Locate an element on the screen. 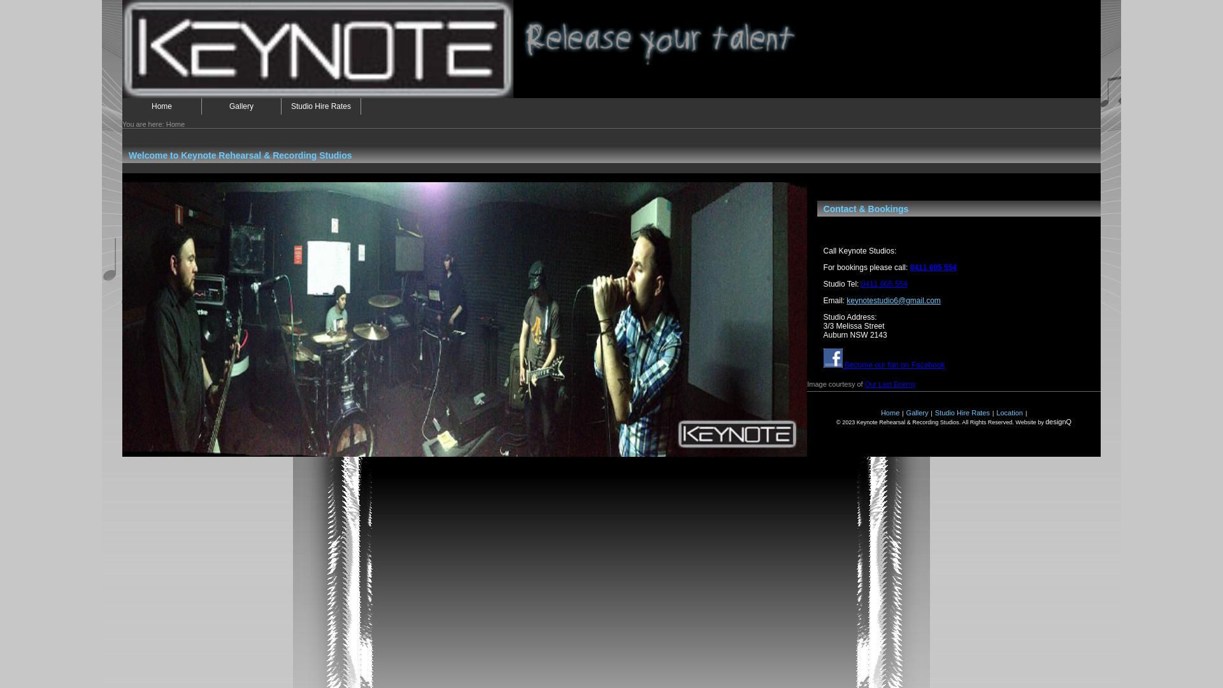 The width and height of the screenshot is (1223, 688). 'Studio Hire Rates' is located at coordinates (962, 413).